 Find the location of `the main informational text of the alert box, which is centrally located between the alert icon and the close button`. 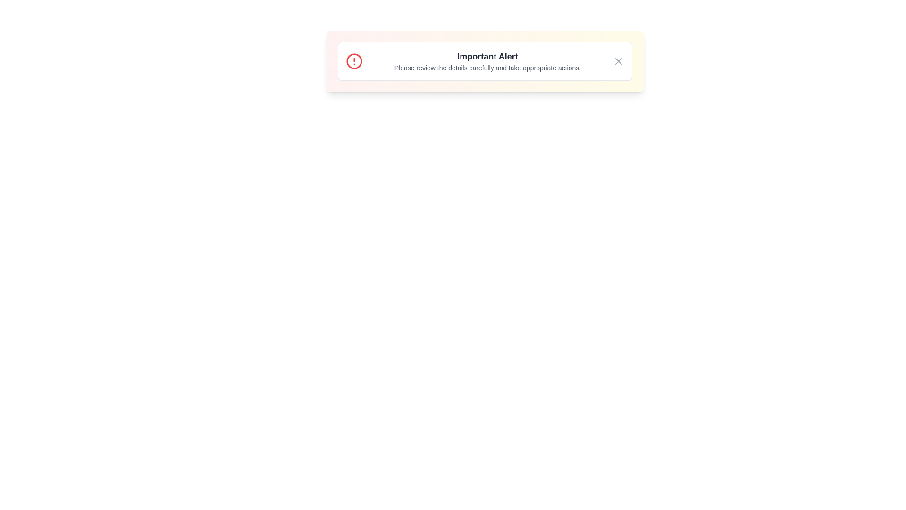

the main informational text of the alert box, which is centrally located between the alert icon and the close button is located at coordinates (487, 61).